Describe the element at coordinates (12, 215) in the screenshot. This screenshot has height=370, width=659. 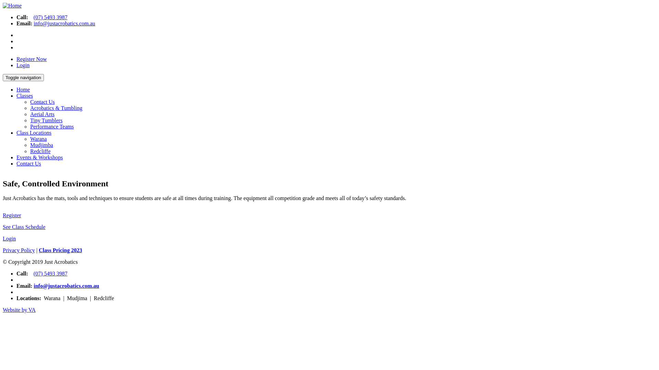
I see `'Register'` at that location.